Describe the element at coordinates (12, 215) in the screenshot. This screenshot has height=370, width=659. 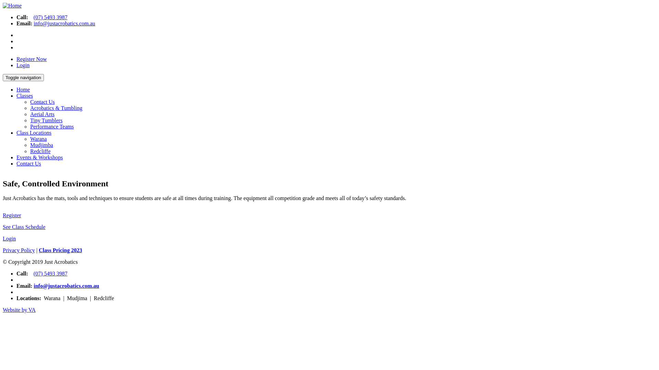
I see `'Register'` at that location.